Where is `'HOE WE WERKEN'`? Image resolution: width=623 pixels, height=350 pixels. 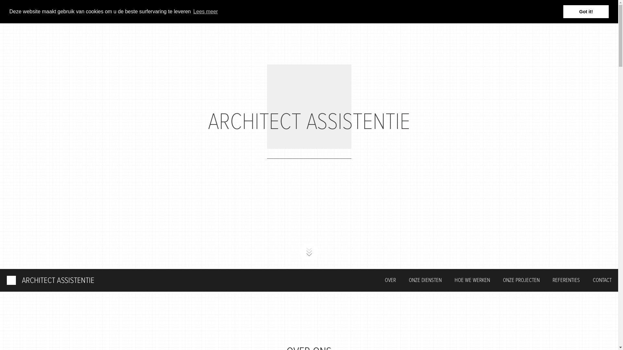
'HOE WE WERKEN' is located at coordinates (472, 280).